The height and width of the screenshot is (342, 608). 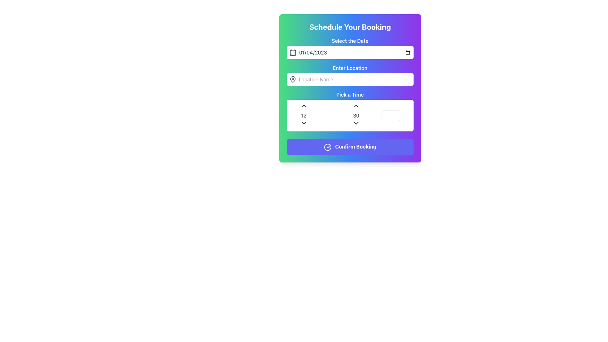 What do you see at coordinates (303, 123) in the screenshot?
I see `the downward-facing SVG arrow icon button located to the right of the number '12' in the hour selection area to decrease the hour` at bounding box center [303, 123].